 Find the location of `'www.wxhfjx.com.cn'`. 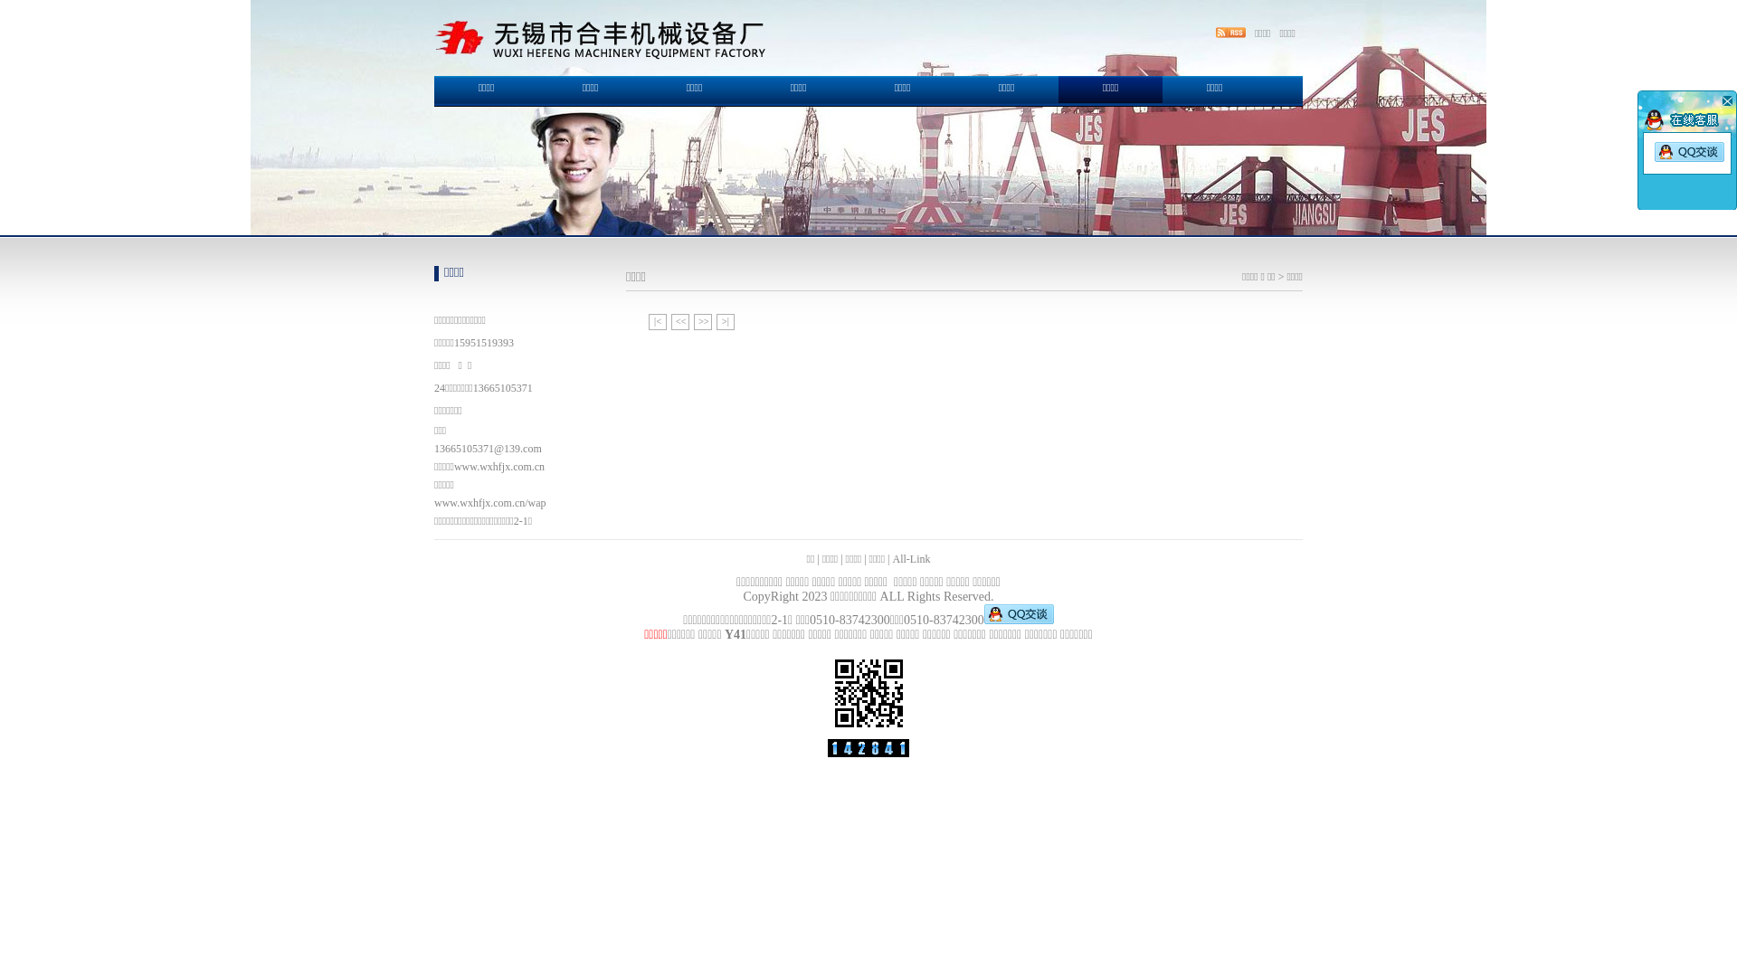

'www.wxhfjx.com.cn' is located at coordinates (499, 466).